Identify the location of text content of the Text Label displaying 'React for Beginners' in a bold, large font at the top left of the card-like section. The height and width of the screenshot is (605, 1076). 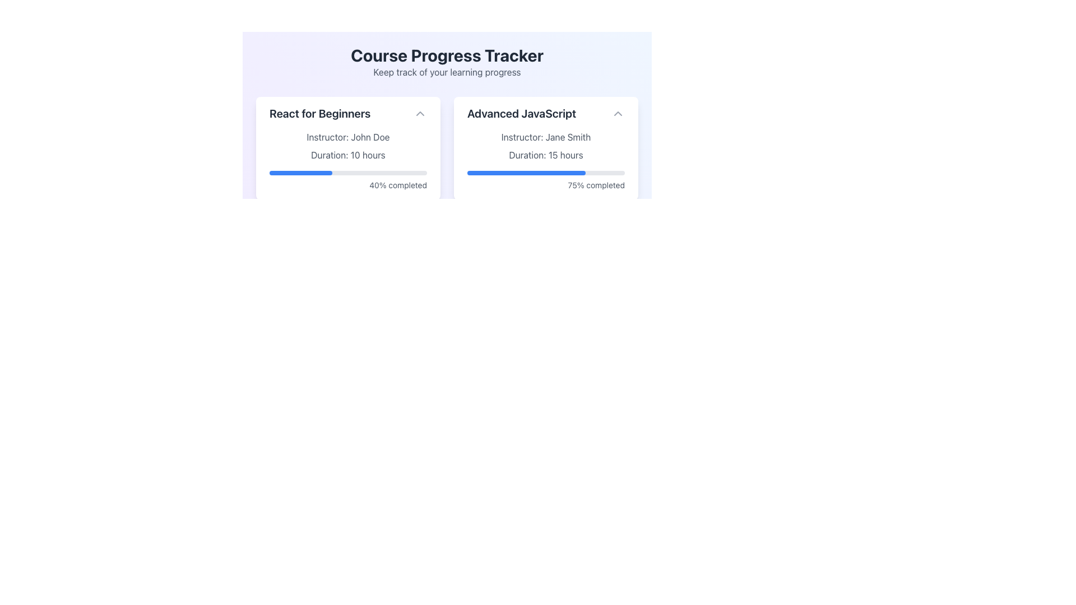
(319, 114).